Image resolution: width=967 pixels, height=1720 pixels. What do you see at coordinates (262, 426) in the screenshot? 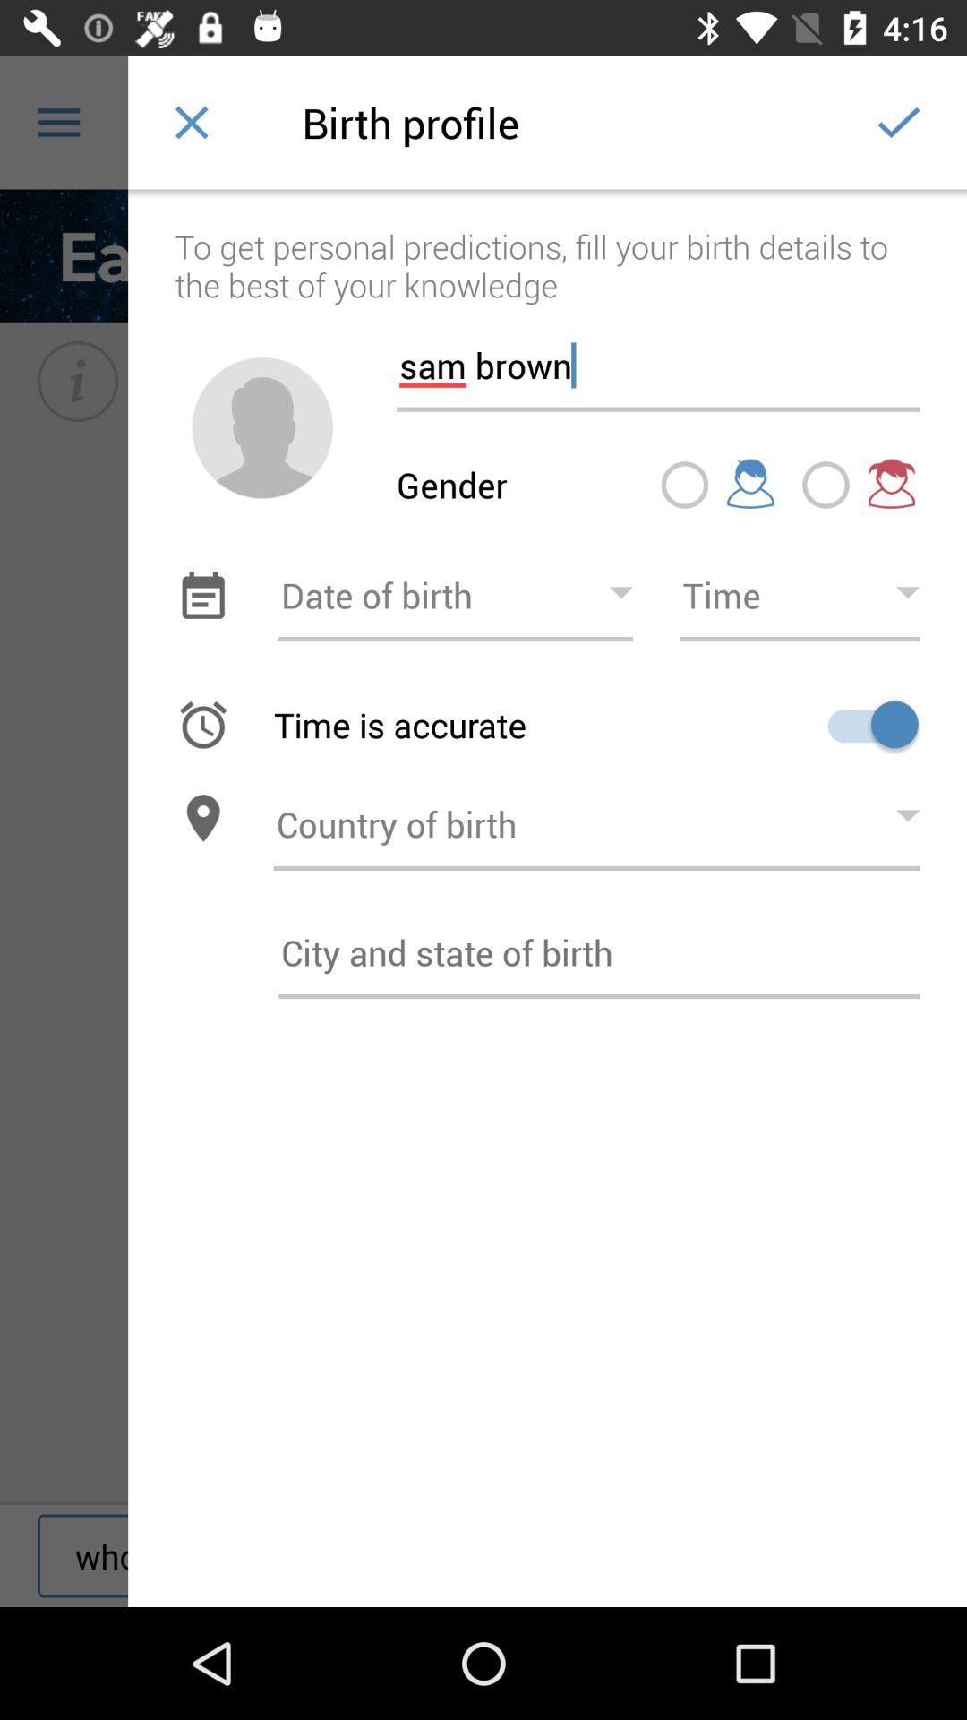
I see `gender` at bounding box center [262, 426].